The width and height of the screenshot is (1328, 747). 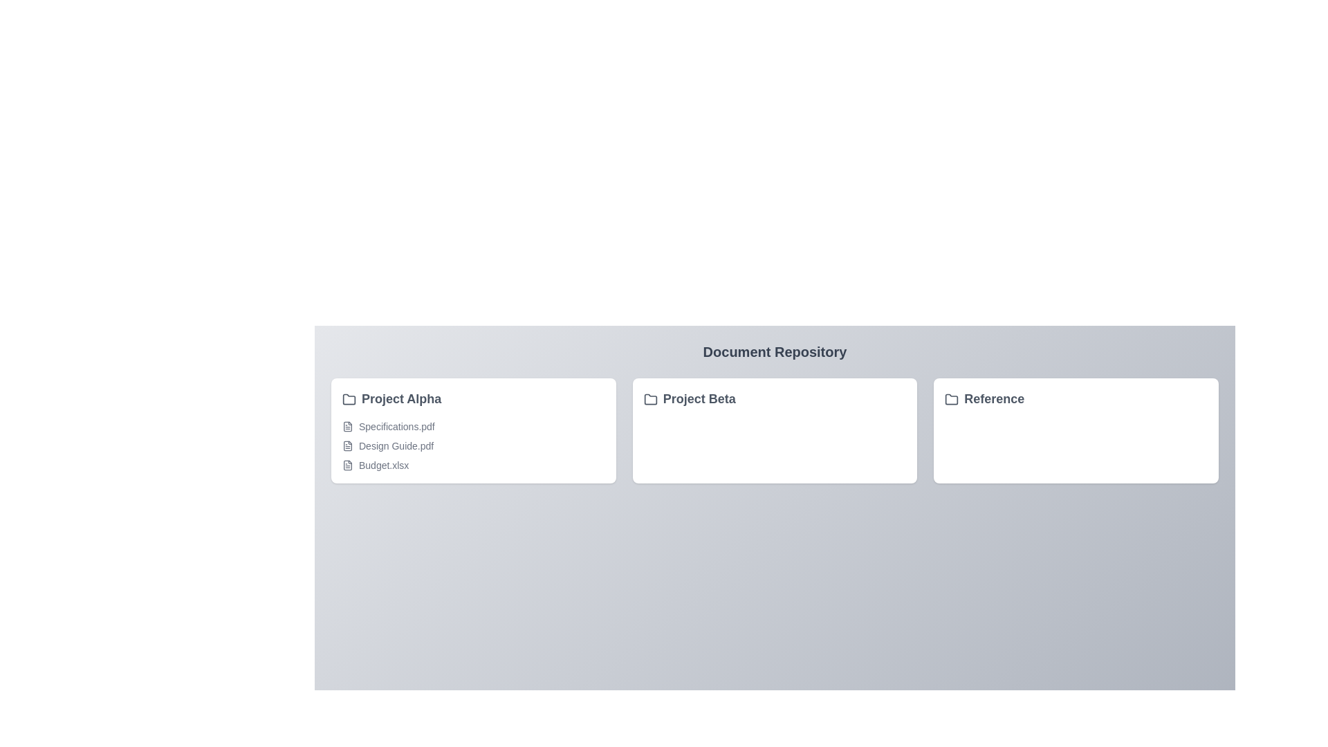 What do you see at coordinates (649, 399) in the screenshot?
I see `the folder icon with a red outlined style next to the text label 'Project Beta'` at bounding box center [649, 399].